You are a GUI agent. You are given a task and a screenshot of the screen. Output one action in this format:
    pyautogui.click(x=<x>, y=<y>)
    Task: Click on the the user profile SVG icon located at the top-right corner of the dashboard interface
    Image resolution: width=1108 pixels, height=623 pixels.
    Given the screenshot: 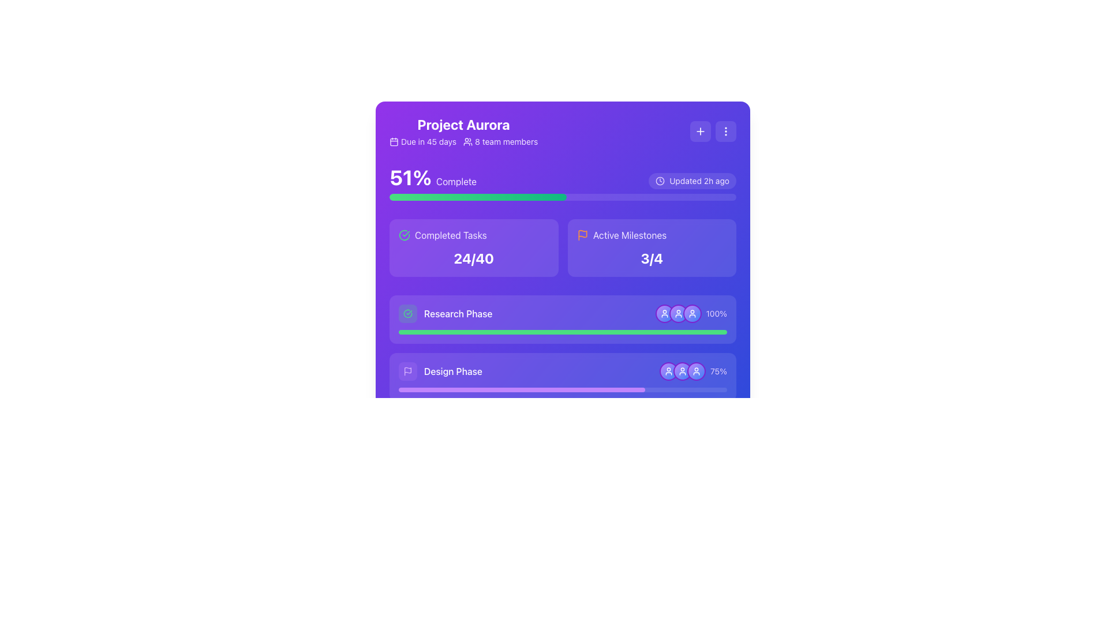 What is the action you would take?
    pyautogui.click(x=692, y=313)
    